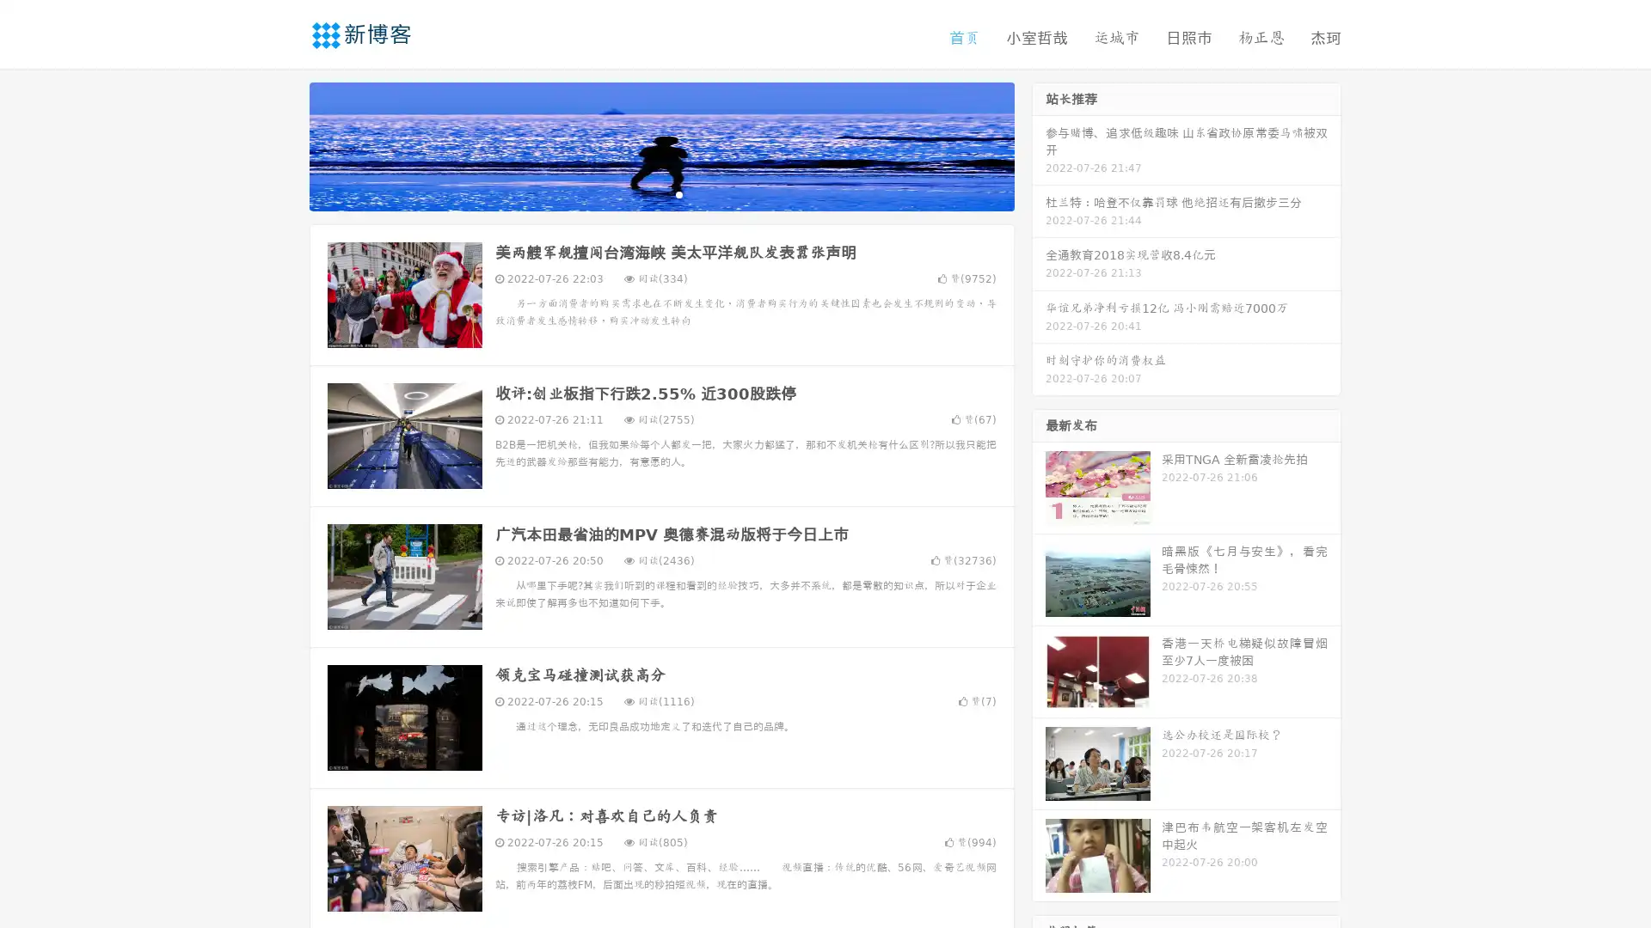 The image size is (1651, 928). Describe the element at coordinates (1039, 144) in the screenshot. I see `Next slide` at that location.